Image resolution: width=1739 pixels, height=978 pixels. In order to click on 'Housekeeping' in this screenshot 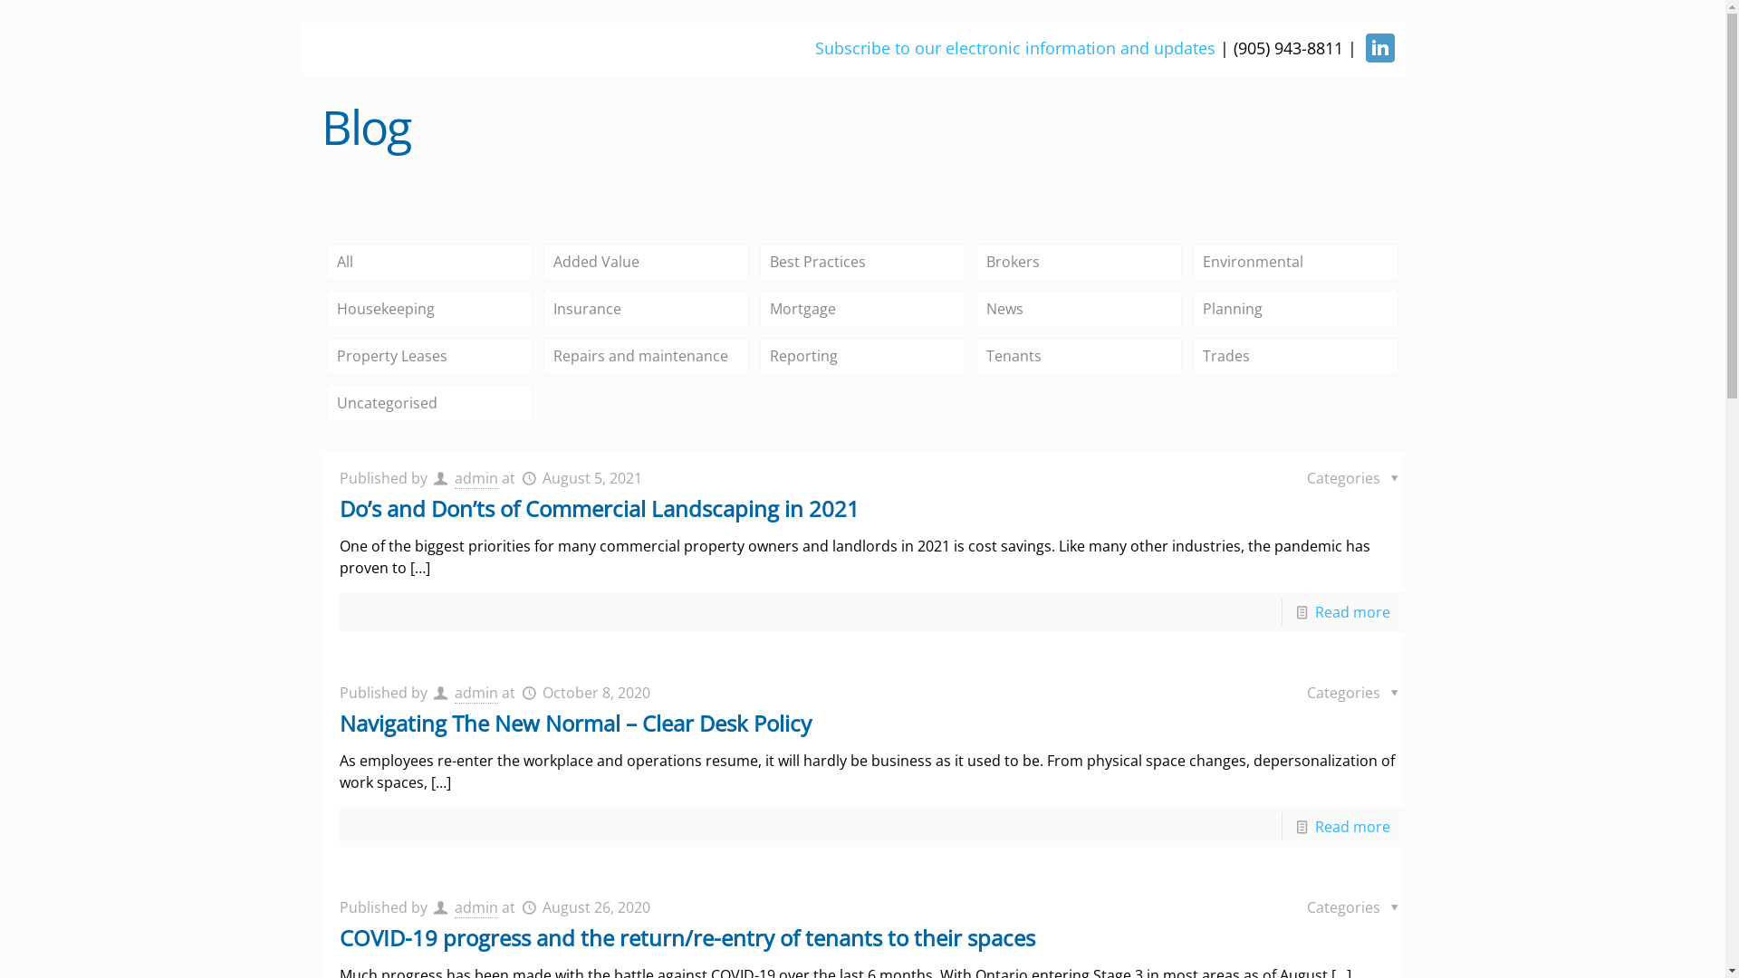, I will do `click(326, 307)`.